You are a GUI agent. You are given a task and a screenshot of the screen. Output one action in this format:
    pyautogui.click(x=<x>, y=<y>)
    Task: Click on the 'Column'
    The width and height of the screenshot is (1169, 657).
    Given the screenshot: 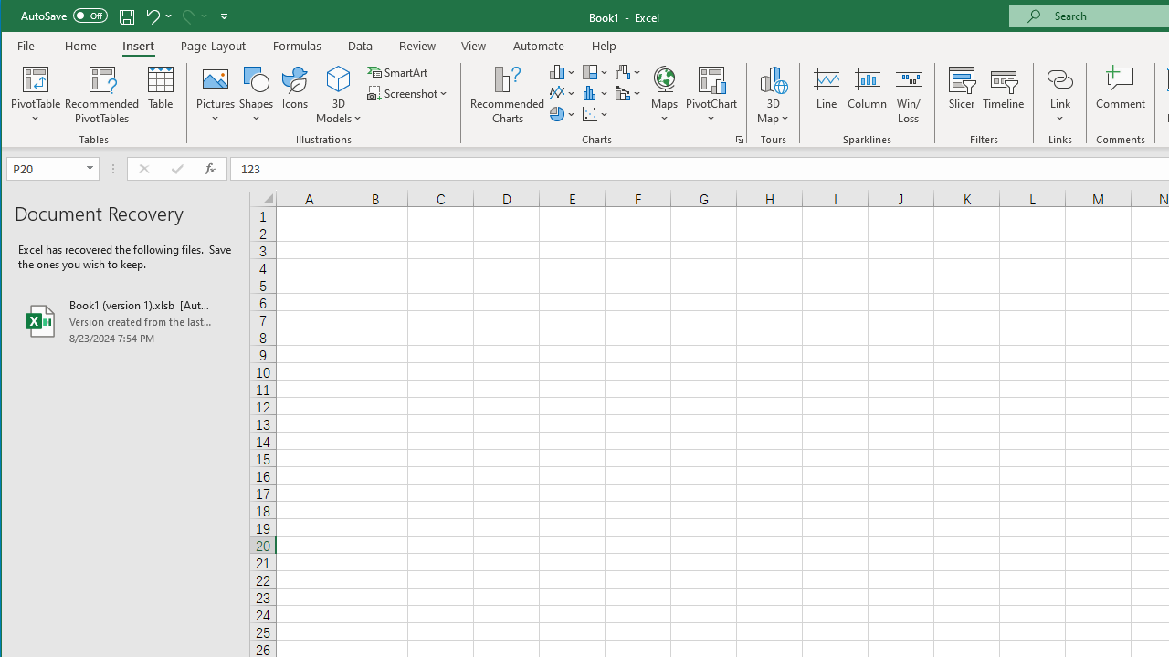 What is the action you would take?
    pyautogui.click(x=866, y=95)
    